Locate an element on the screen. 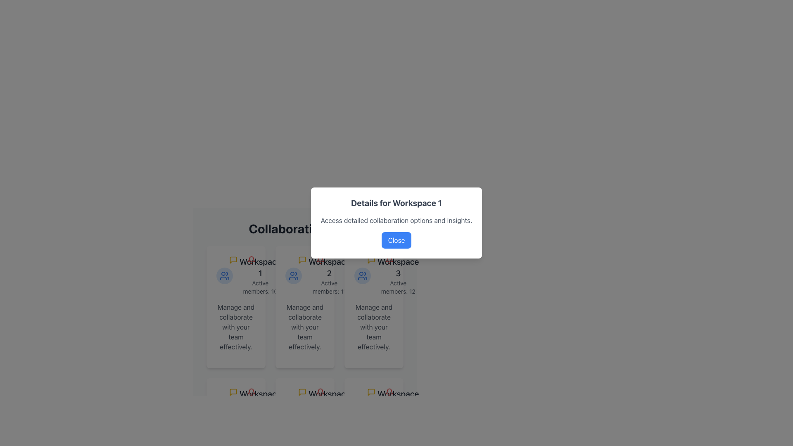 Image resolution: width=793 pixels, height=446 pixels. the circular icon with a blue multiple people design from the workspace section is located at coordinates (224, 407).